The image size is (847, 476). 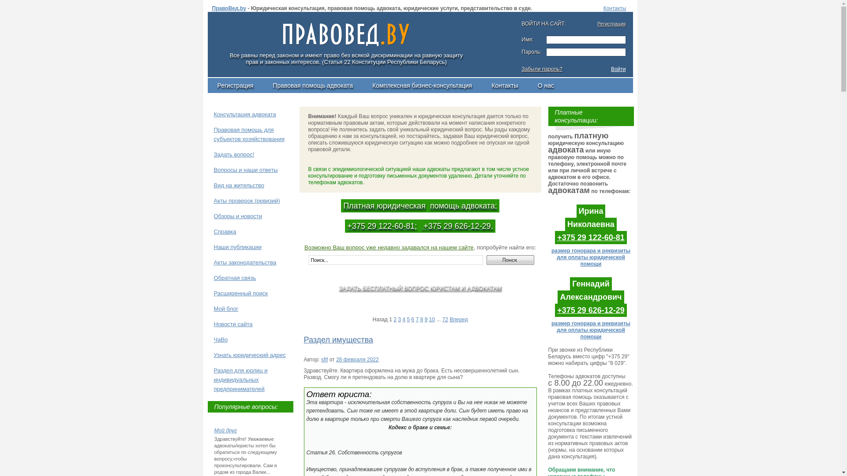 I want to click on '3', so click(x=399, y=320).